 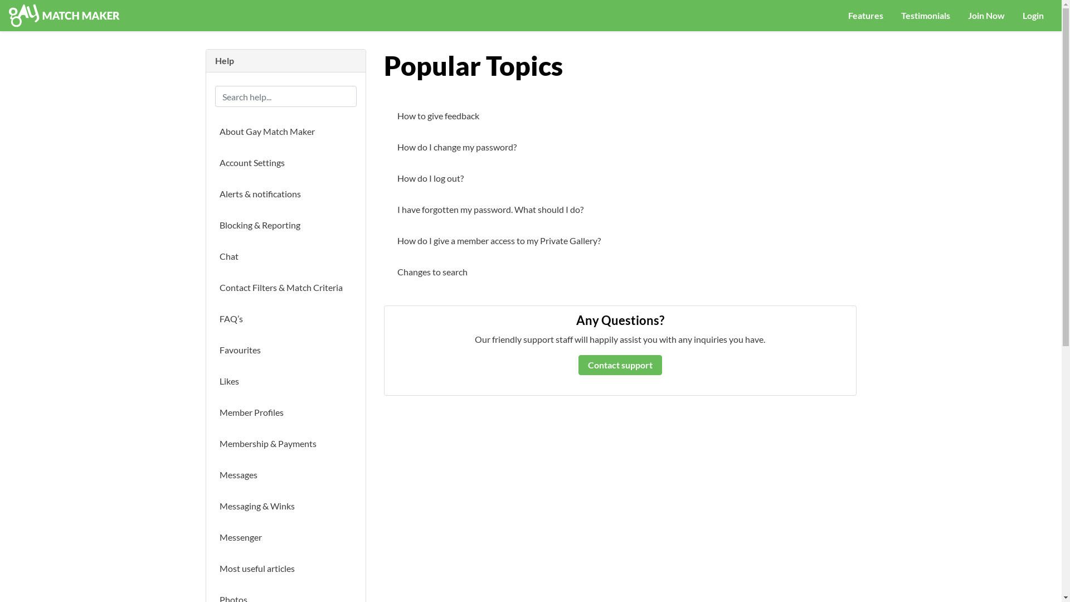 I want to click on 'Messaging & Winks', so click(x=286, y=506).